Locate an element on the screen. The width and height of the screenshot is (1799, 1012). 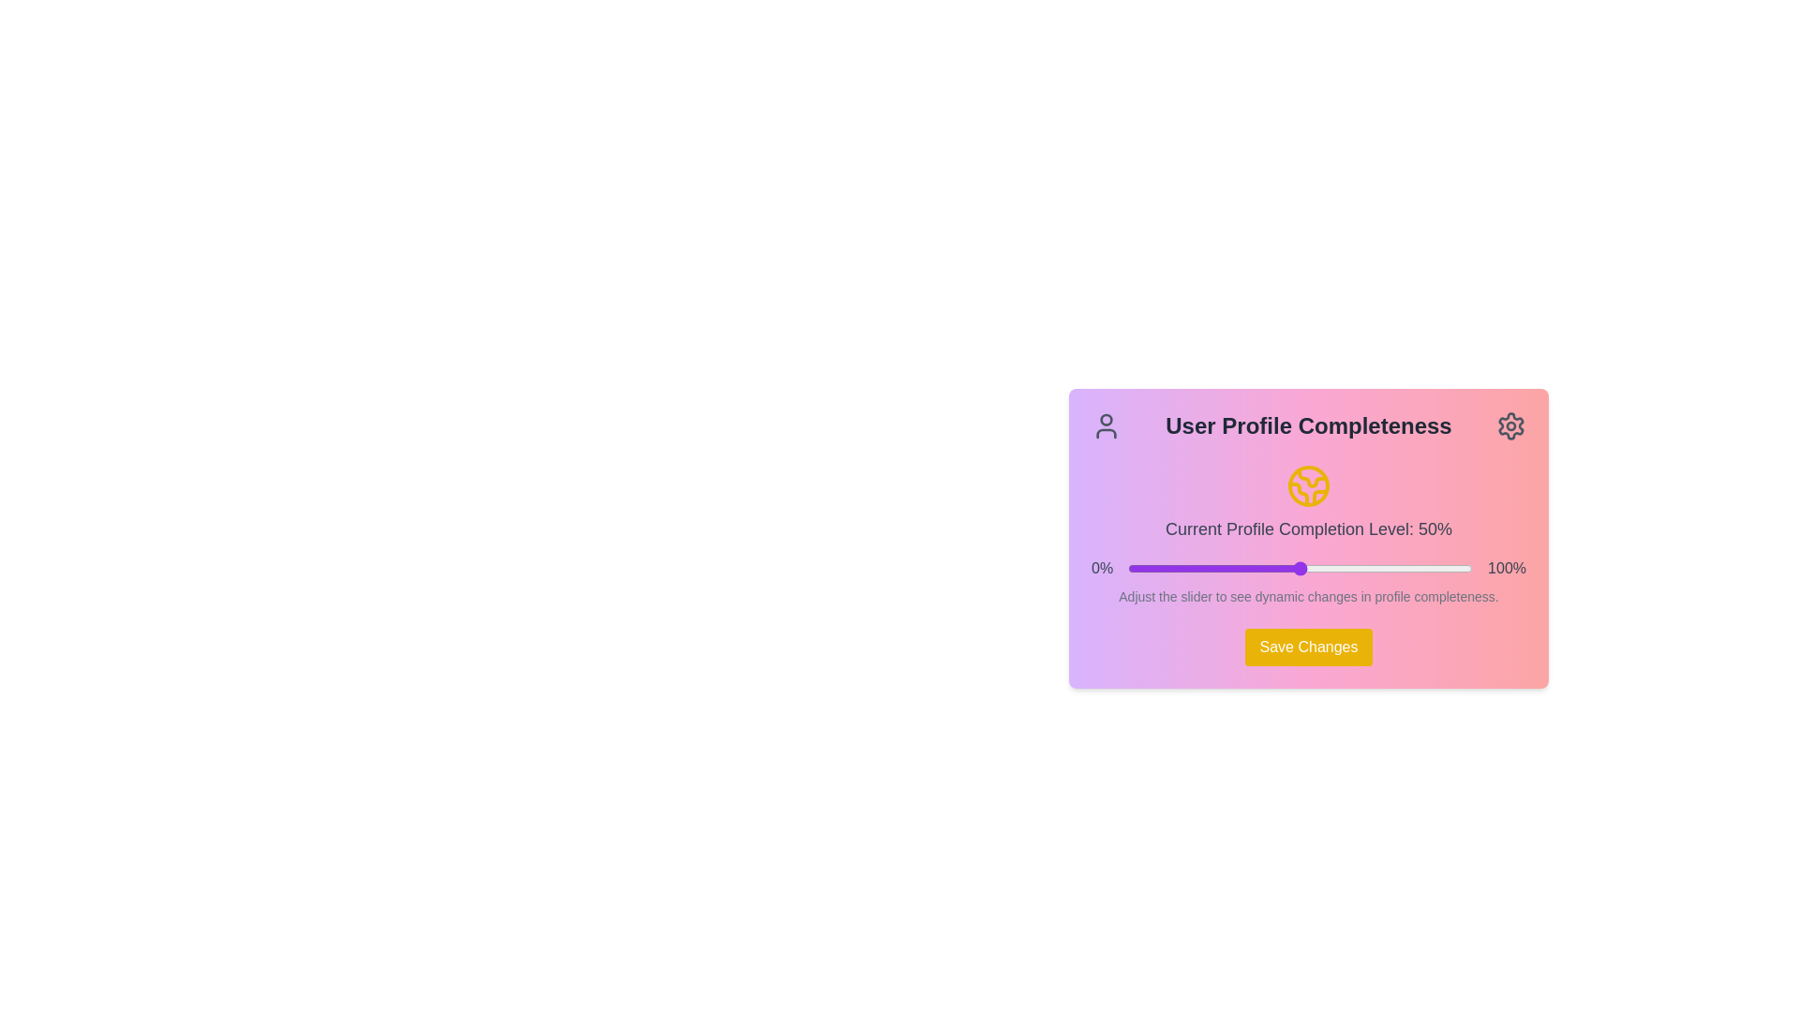
the profile completeness level is located at coordinates (1225, 567).